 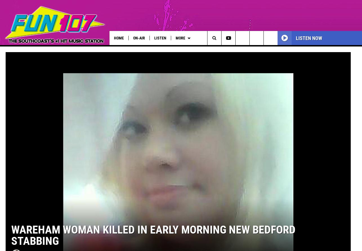 What do you see at coordinates (138, 37) in the screenshot?
I see `'On-Air'` at bounding box center [138, 37].